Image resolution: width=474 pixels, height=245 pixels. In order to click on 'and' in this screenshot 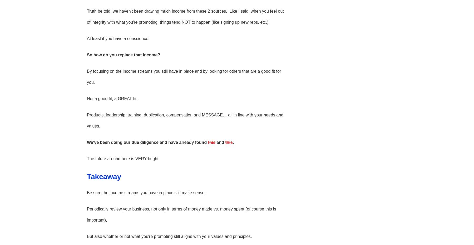, I will do `click(220, 142)`.